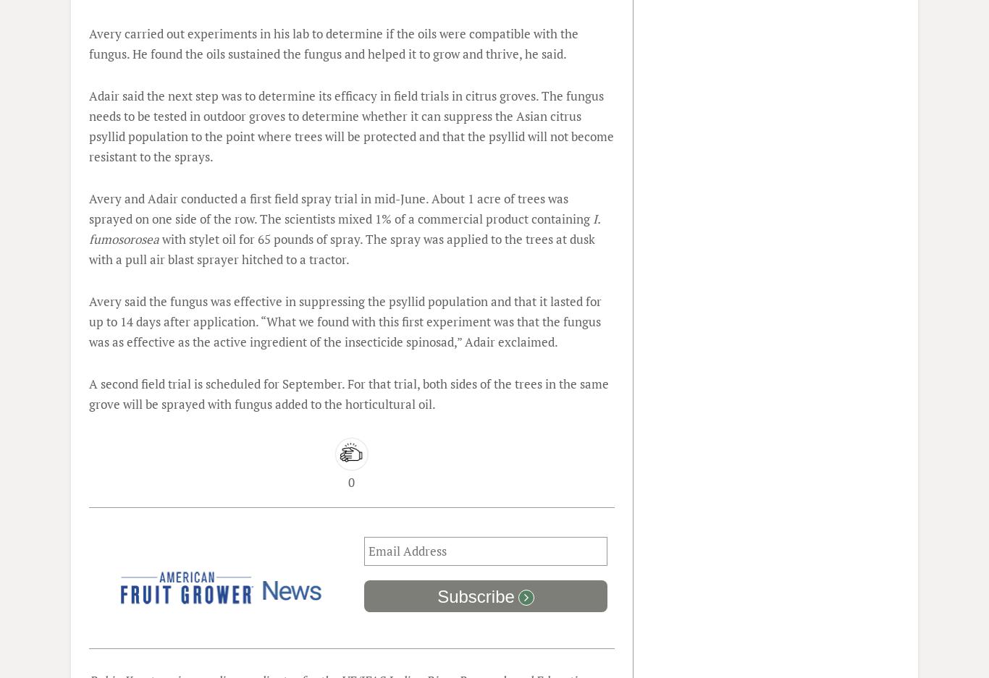  I want to click on 'A second field trial is scheduled for September. For that trial, both sides of the trees in the same grove will be sprayed with fungus added to the horticultural oil.', so click(349, 394).